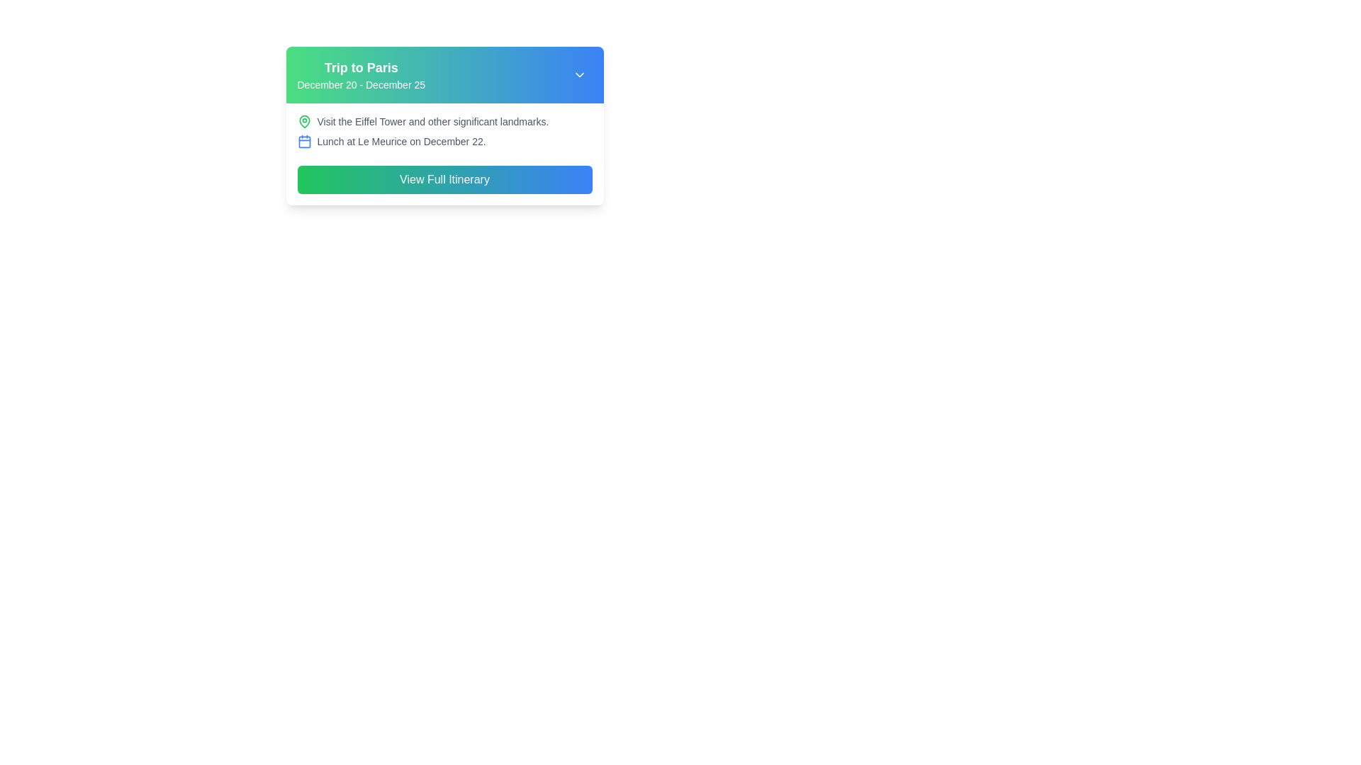 Image resolution: width=1361 pixels, height=765 pixels. I want to click on title and subtitle text displayed in the Textual display element labeled 'Trip to Paris' with the date range 'December 20 - December 25', located at the upper-left region of the section, so click(361, 74).